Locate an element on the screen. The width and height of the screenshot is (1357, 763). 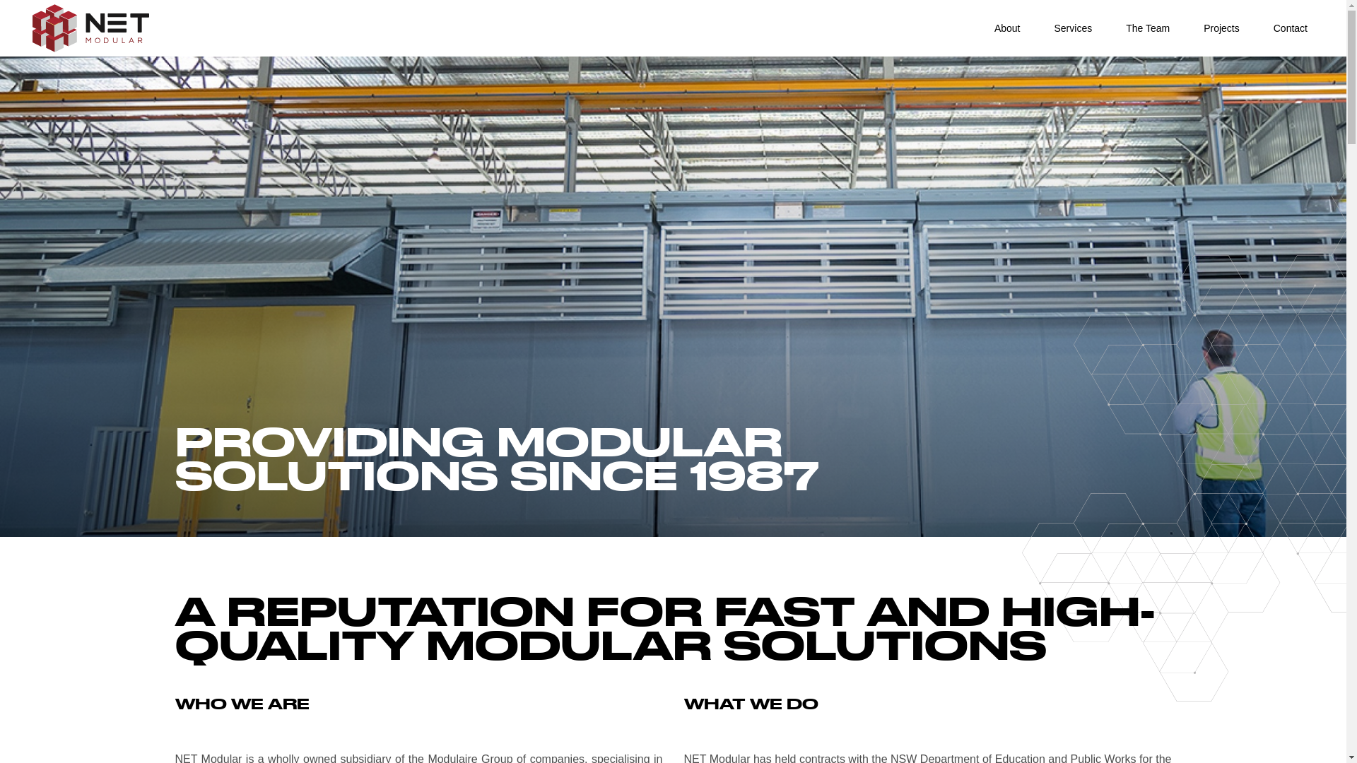
'The Team' is located at coordinates (1147, 28).